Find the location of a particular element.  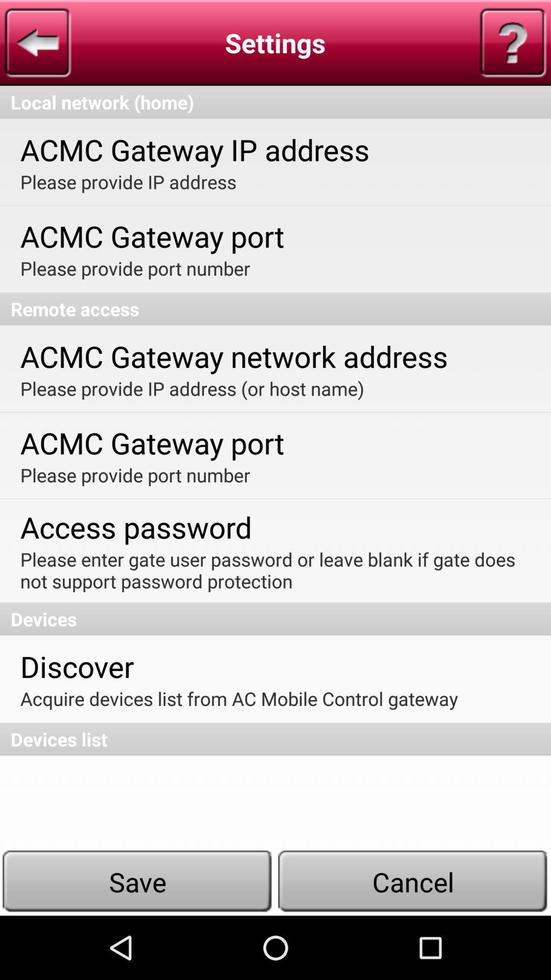

the please enter gate icon is located at coordinates (274, 570).